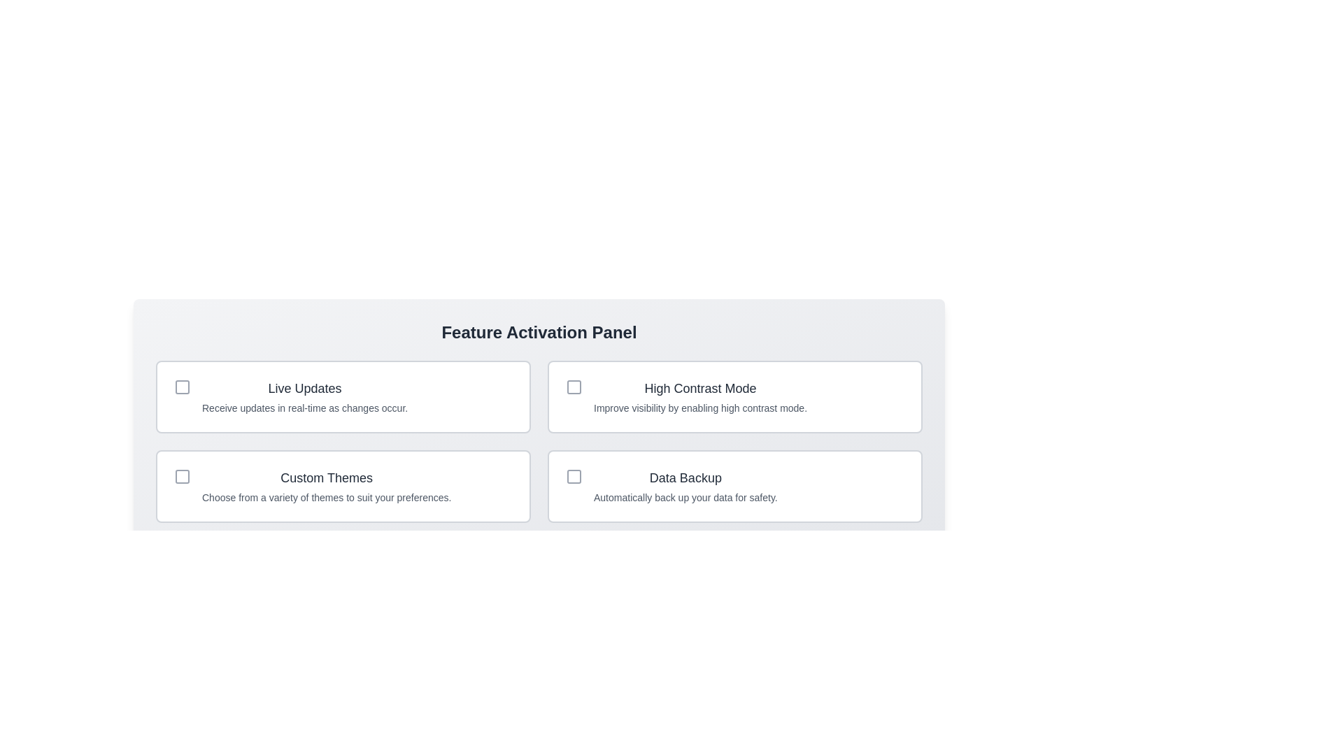  I want to click on the Checkbox-like indicator located in the second card labeled 'High Contrast Mode' within the Feature Activation Panel, situated near the left side next to the feature title label, so click(574, 387).